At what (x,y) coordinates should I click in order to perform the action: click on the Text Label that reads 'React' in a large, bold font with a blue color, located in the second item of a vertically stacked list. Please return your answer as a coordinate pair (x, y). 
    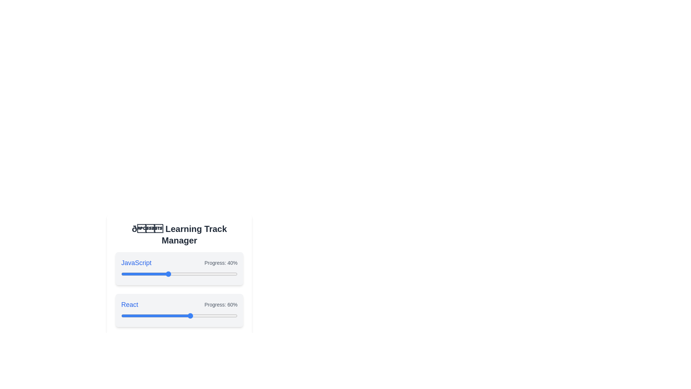
    Looking at the image, I should click on (130, 304).